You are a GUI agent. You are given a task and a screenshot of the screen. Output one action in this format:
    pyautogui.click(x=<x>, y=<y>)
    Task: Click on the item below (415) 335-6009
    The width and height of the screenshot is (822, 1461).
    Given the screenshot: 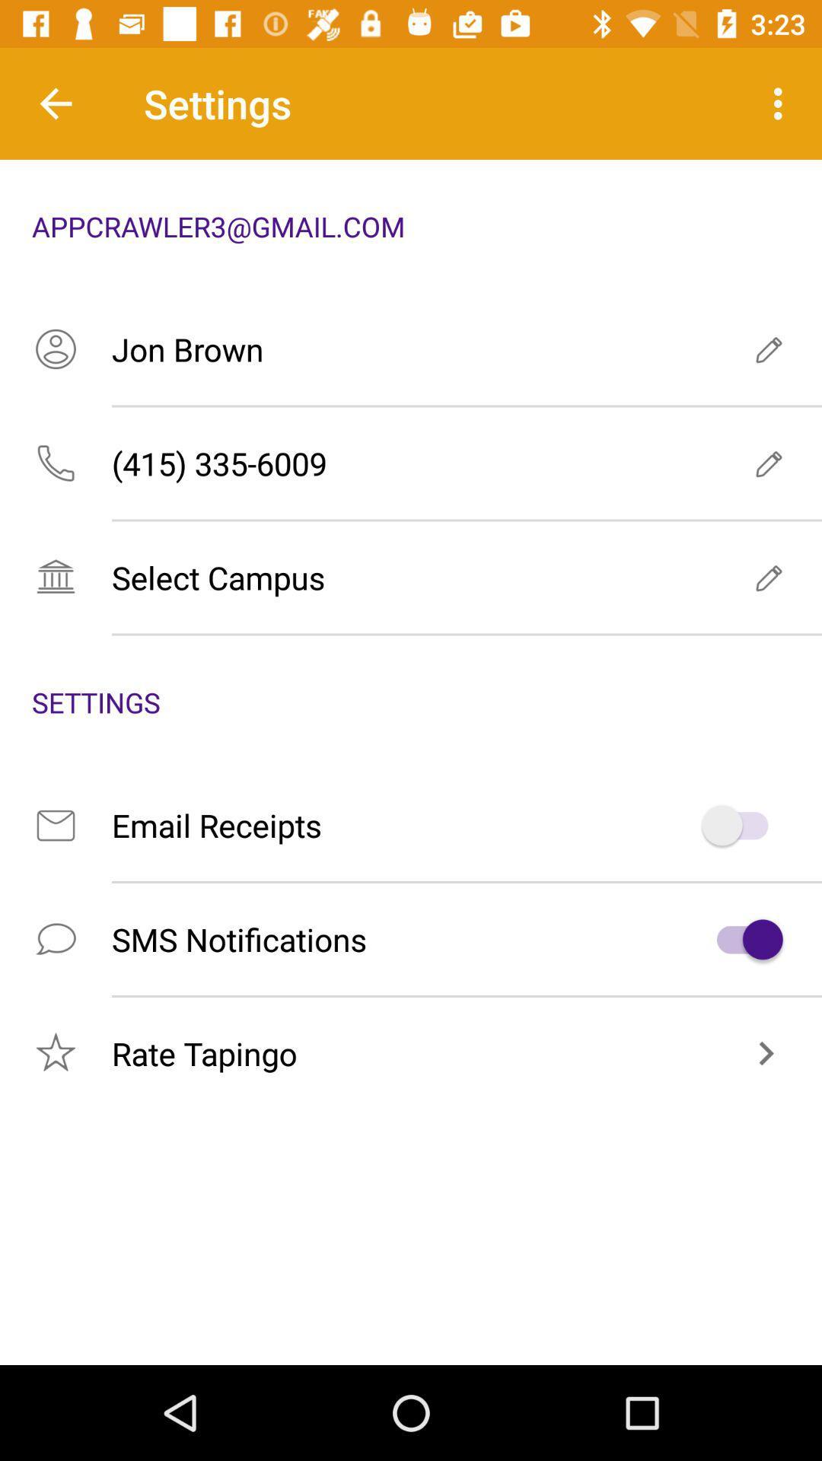 What is the action you would take?
    pyautogui.click(x=411, y=576)
    